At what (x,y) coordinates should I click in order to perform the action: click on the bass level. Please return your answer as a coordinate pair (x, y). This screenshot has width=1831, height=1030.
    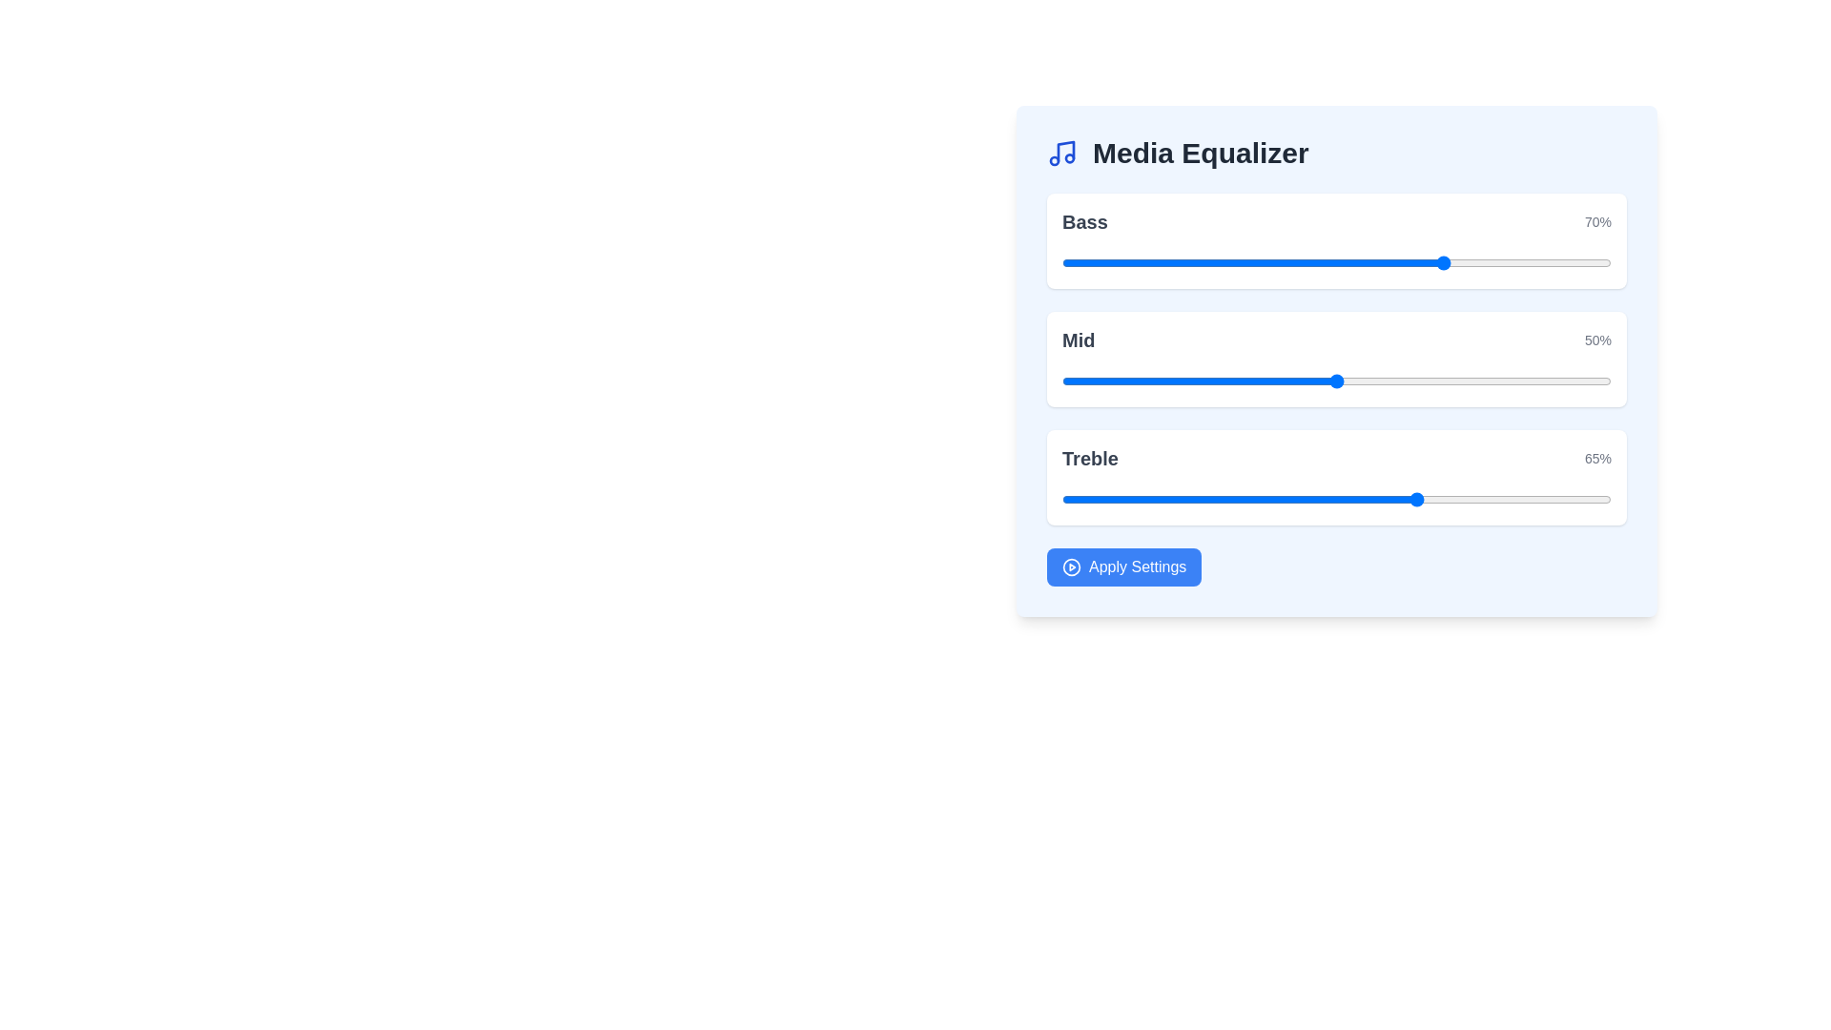
    Looking at the image, I should click on (1578, 259).